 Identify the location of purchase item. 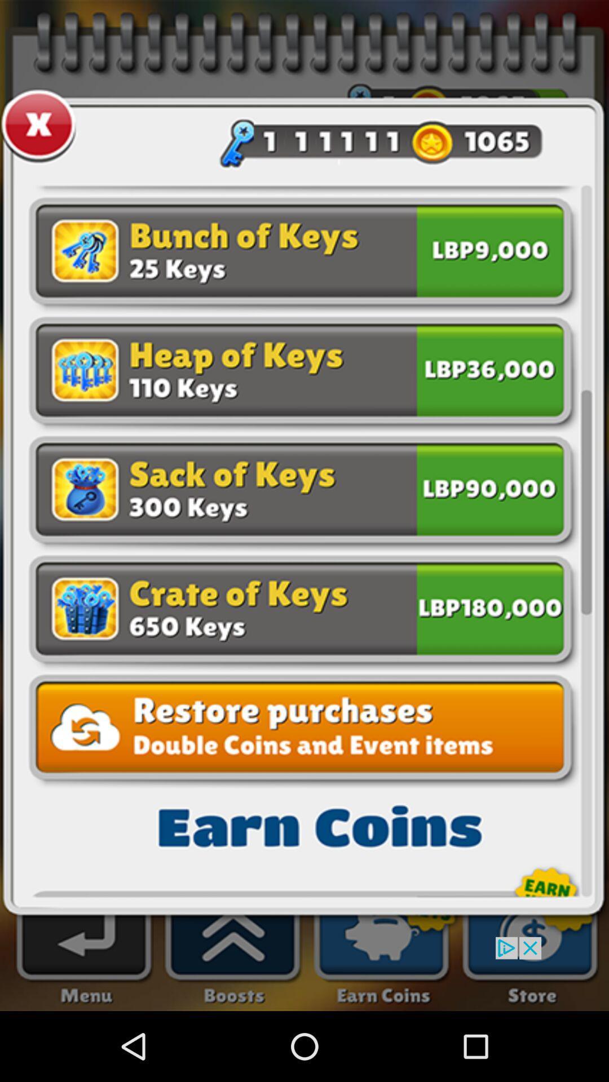
(489, 606).